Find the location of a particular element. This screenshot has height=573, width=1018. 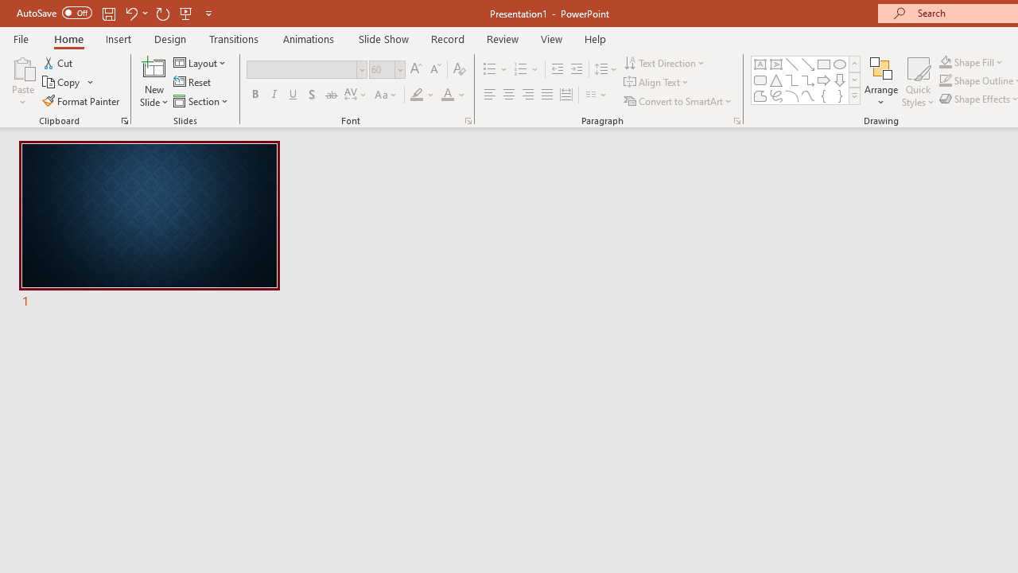

'Quick Styles' is located at coordinates (918, 82).